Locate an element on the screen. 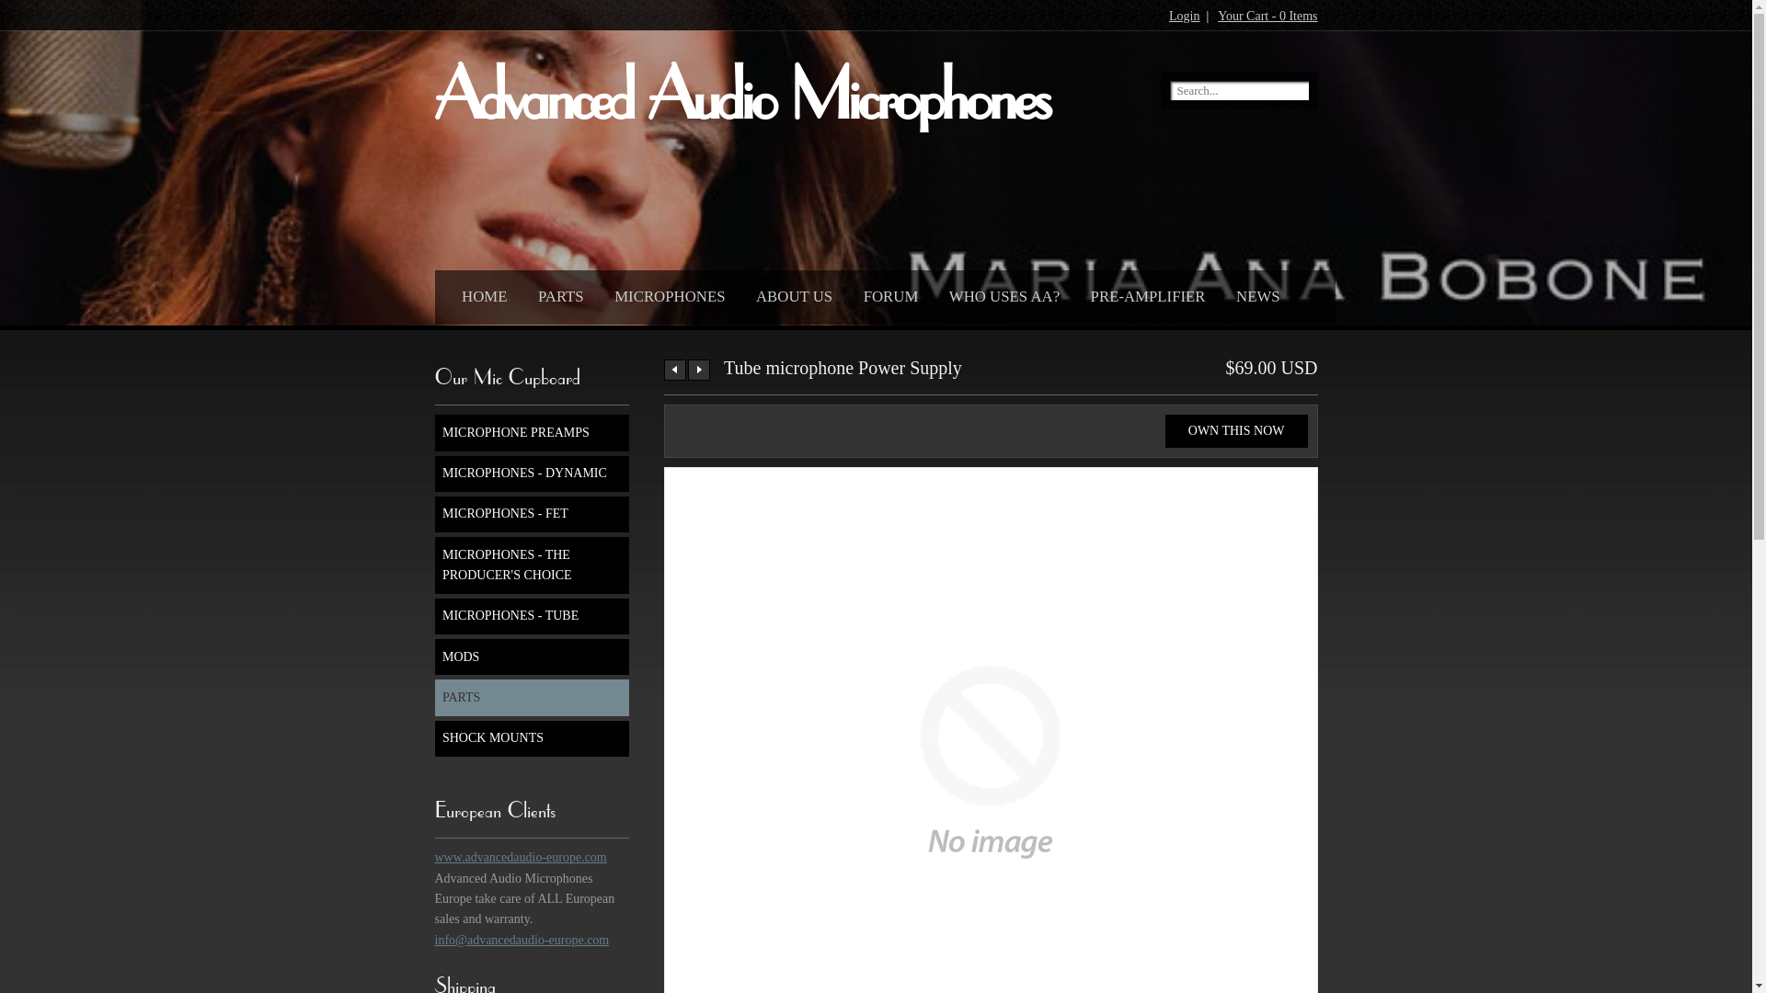 Image resolution: width=1766 pixels, height=993 pixels. 'PARTS' is located at coordinates (530, 697).